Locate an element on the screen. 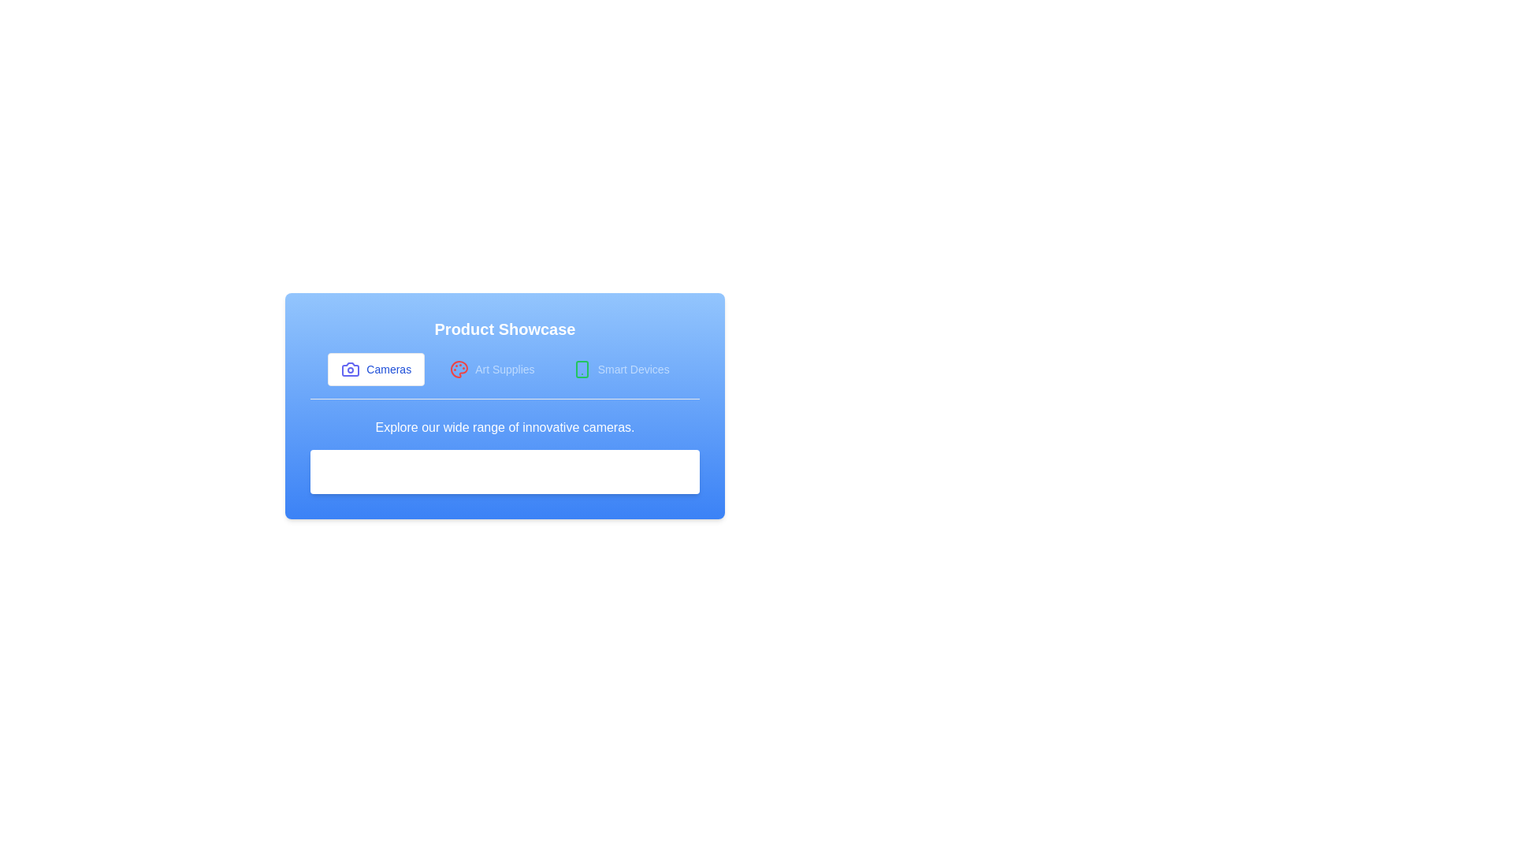  the tab labeled Cameras is located at coordinates (375, 370).